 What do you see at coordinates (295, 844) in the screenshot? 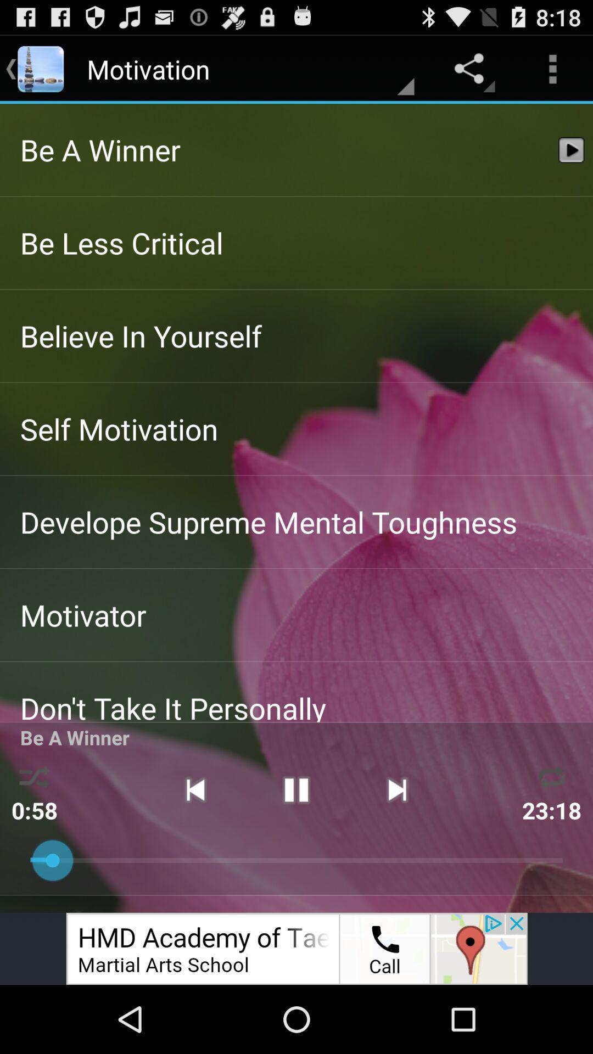
I see `the pause icon` at bounding box center [295, 844].